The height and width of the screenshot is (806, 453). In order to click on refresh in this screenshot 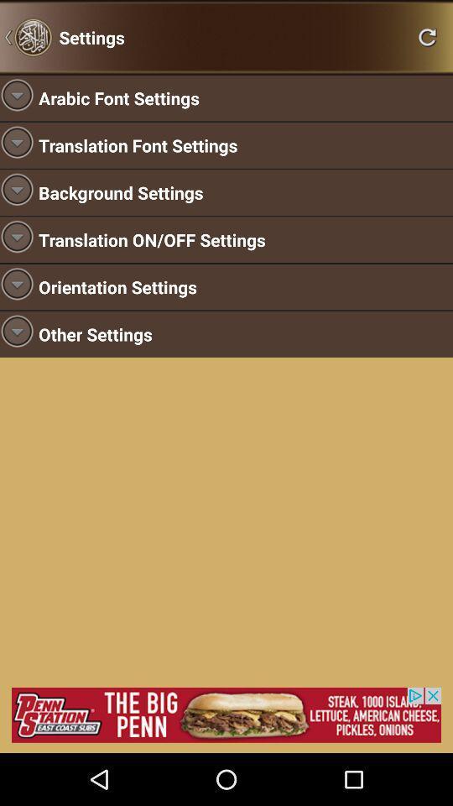, I will do `click(427, 36)`.